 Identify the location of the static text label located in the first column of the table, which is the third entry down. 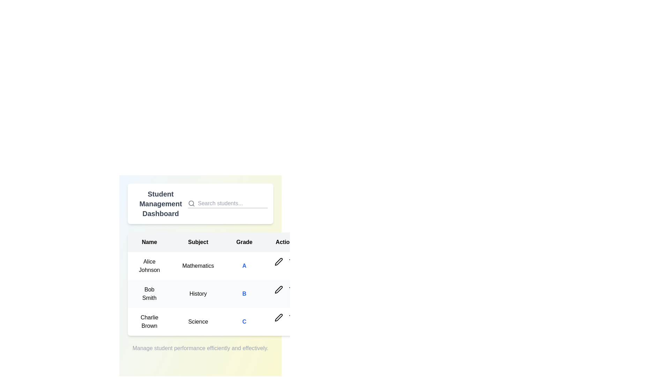
(149, 321).